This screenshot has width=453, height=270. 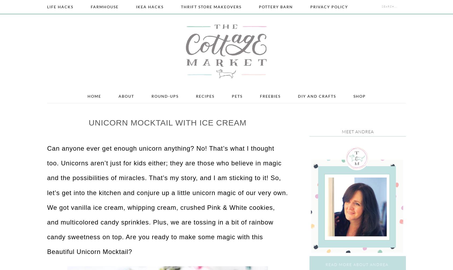 What do you see at coordinates (205, 96) in the screenshot?
I see `'Recipes'` at bounding box center [205, 96].